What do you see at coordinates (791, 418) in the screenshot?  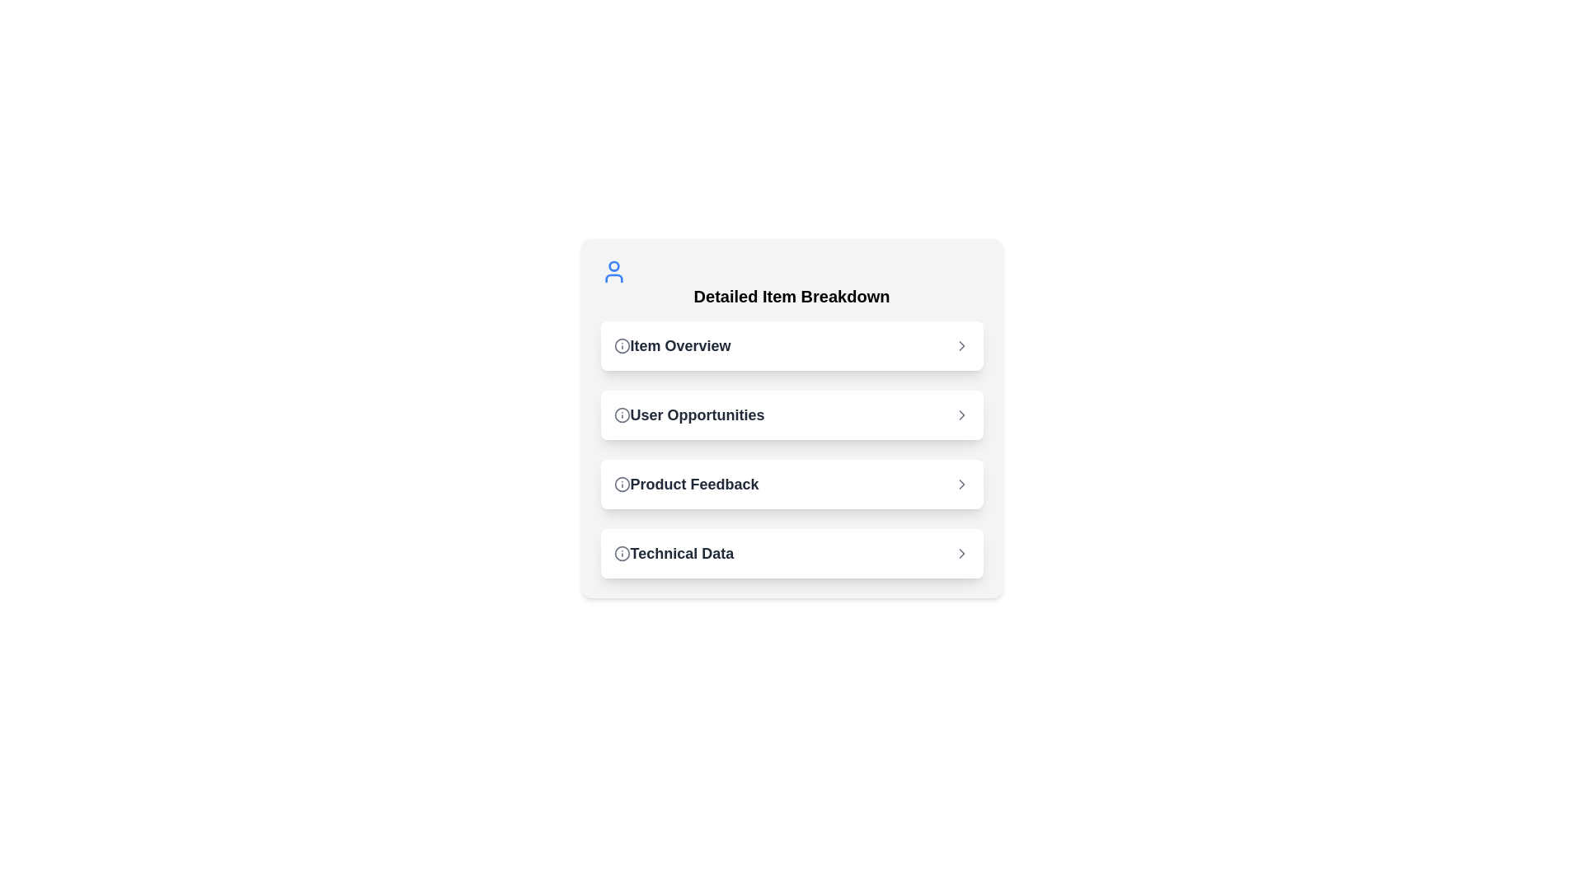 I see `the second menu item in the 'Detailed Item Breakdown' card titled 'User Opportunities'` at bounding box center [791, 418].